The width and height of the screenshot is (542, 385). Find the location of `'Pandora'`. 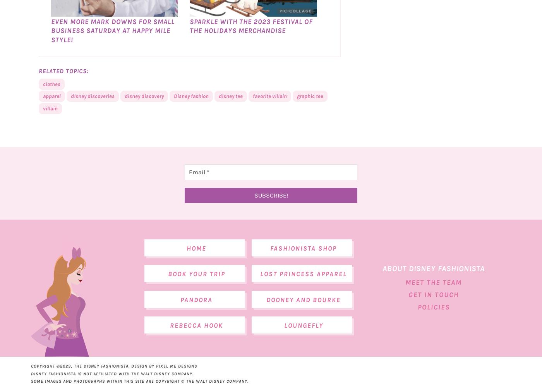

'Pandora' is located at coordinates (196, 316).